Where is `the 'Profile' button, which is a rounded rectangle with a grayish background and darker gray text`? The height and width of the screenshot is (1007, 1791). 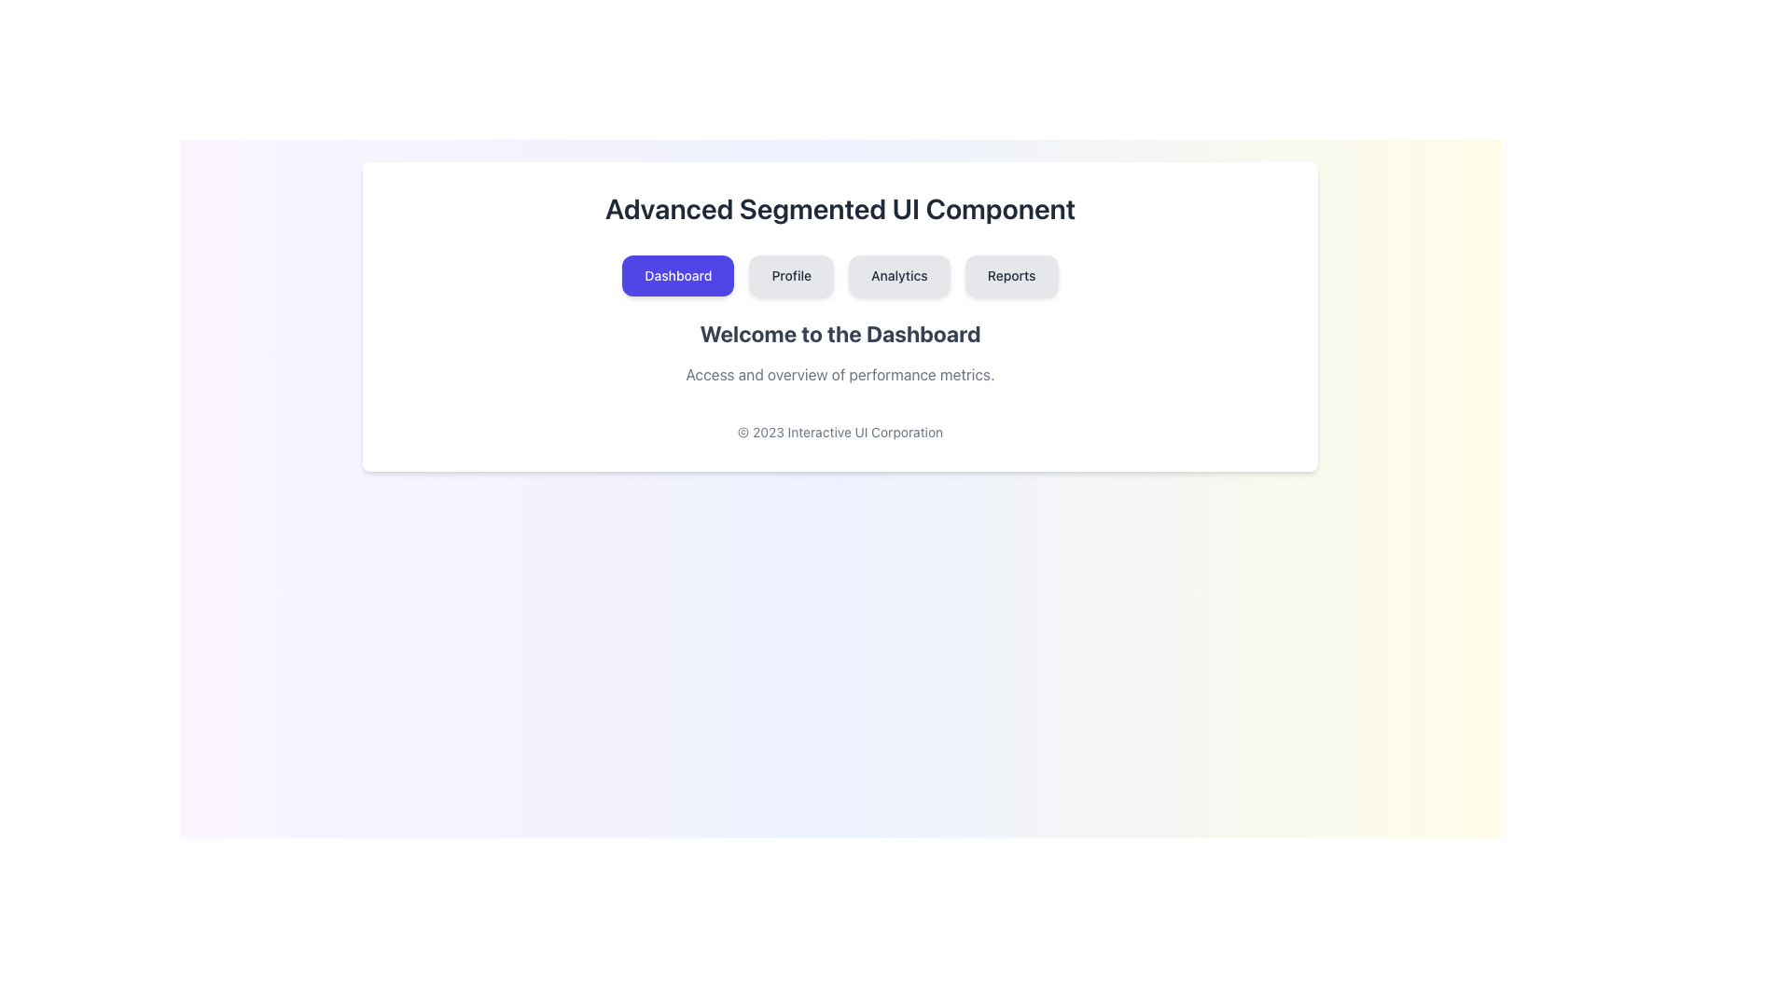
the 'Profile' button, which is a rounded rectangle with a grayish background and darker gray text is located at coordinates (791, 276).